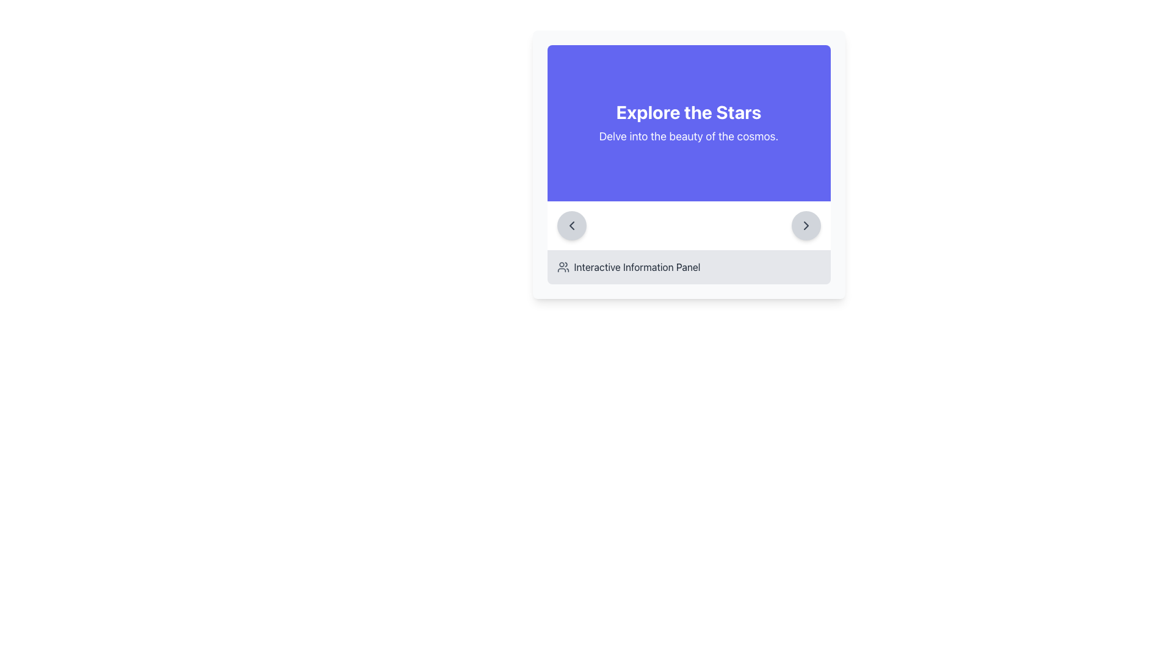 This screenshot has width=1172, height=659. What do you see at coordinates (806, 226) in the screenshot?
I see `the circular button with a right-facing arrow icon` at bounding box center [806, 226].